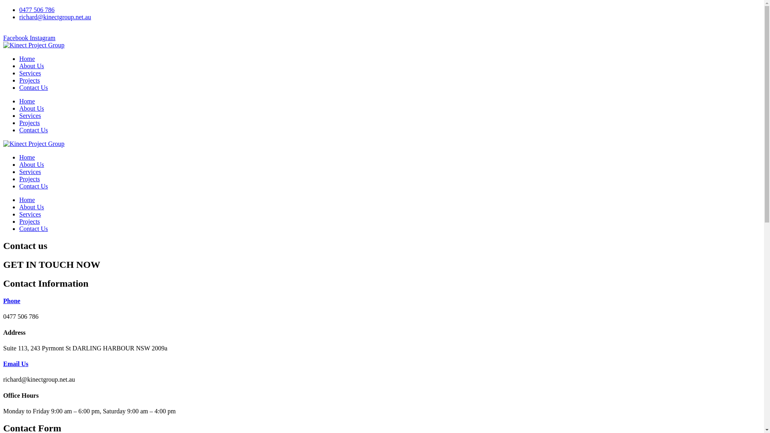 The width and height of the screenshot is (770, 433). Describe the element at coordinates (30, 214) in the screenshot. I see `'Services'` at that location.